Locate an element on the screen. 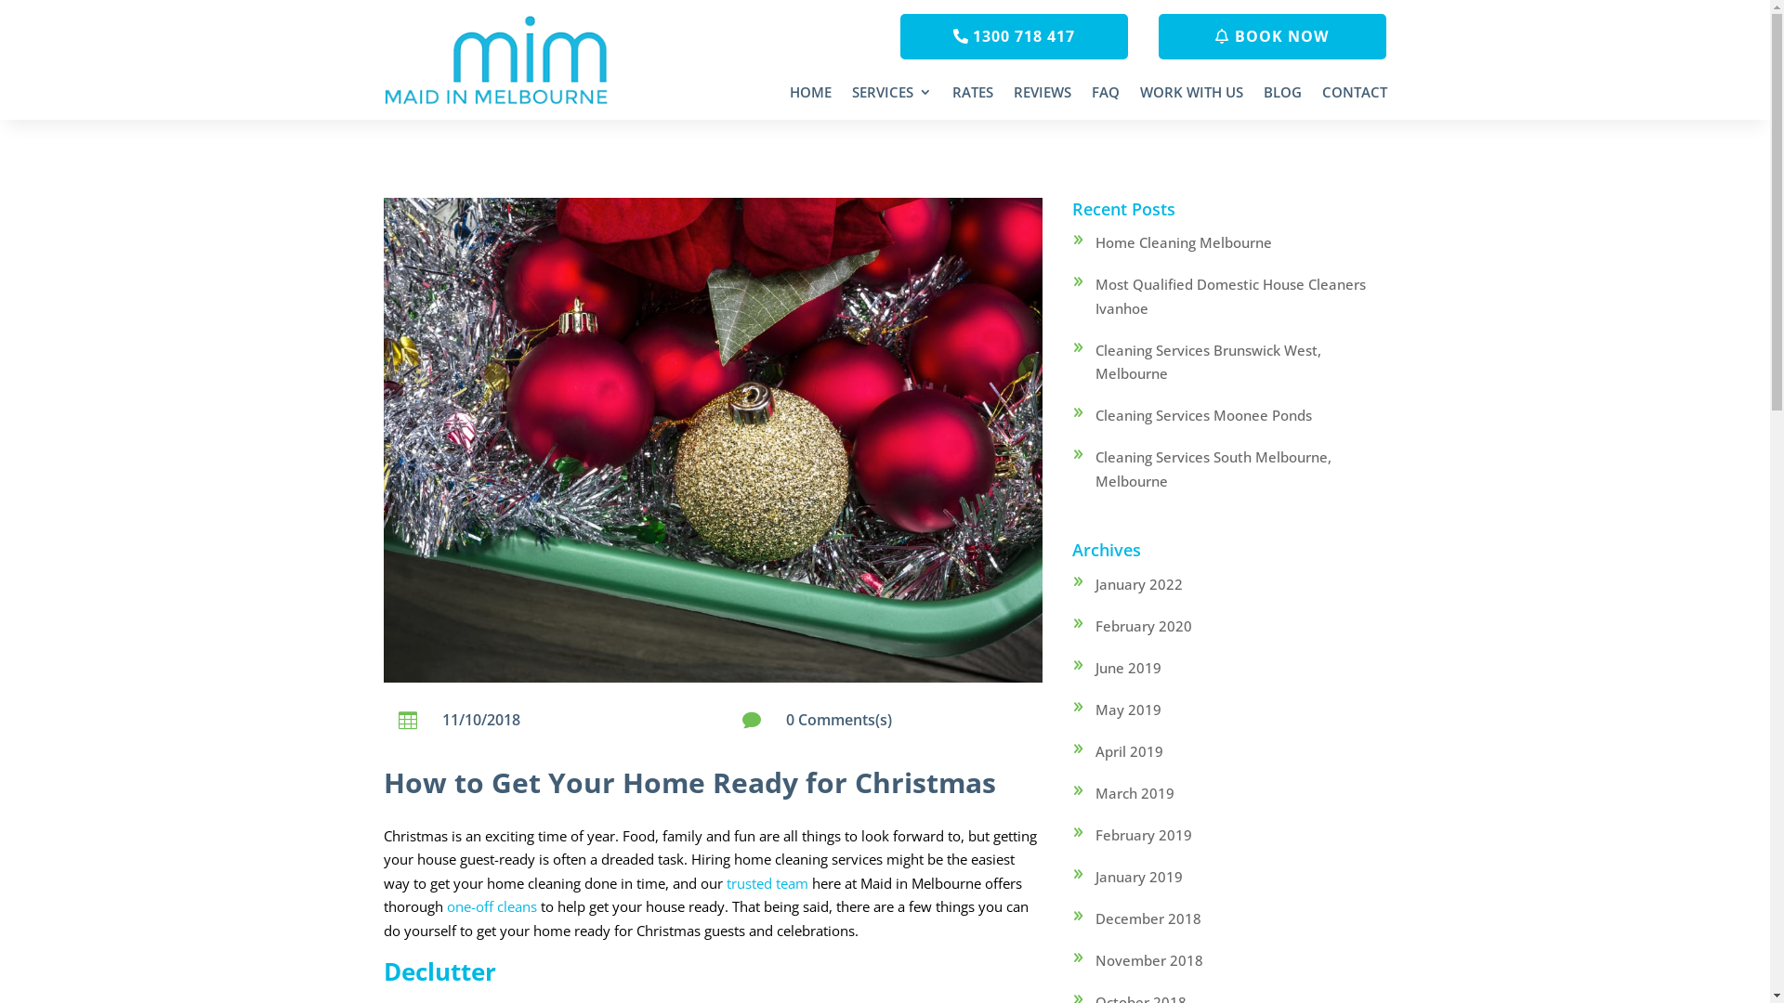 The image size is (1784, 1003). 'FAQ' is located at coordinates (1105, 96).